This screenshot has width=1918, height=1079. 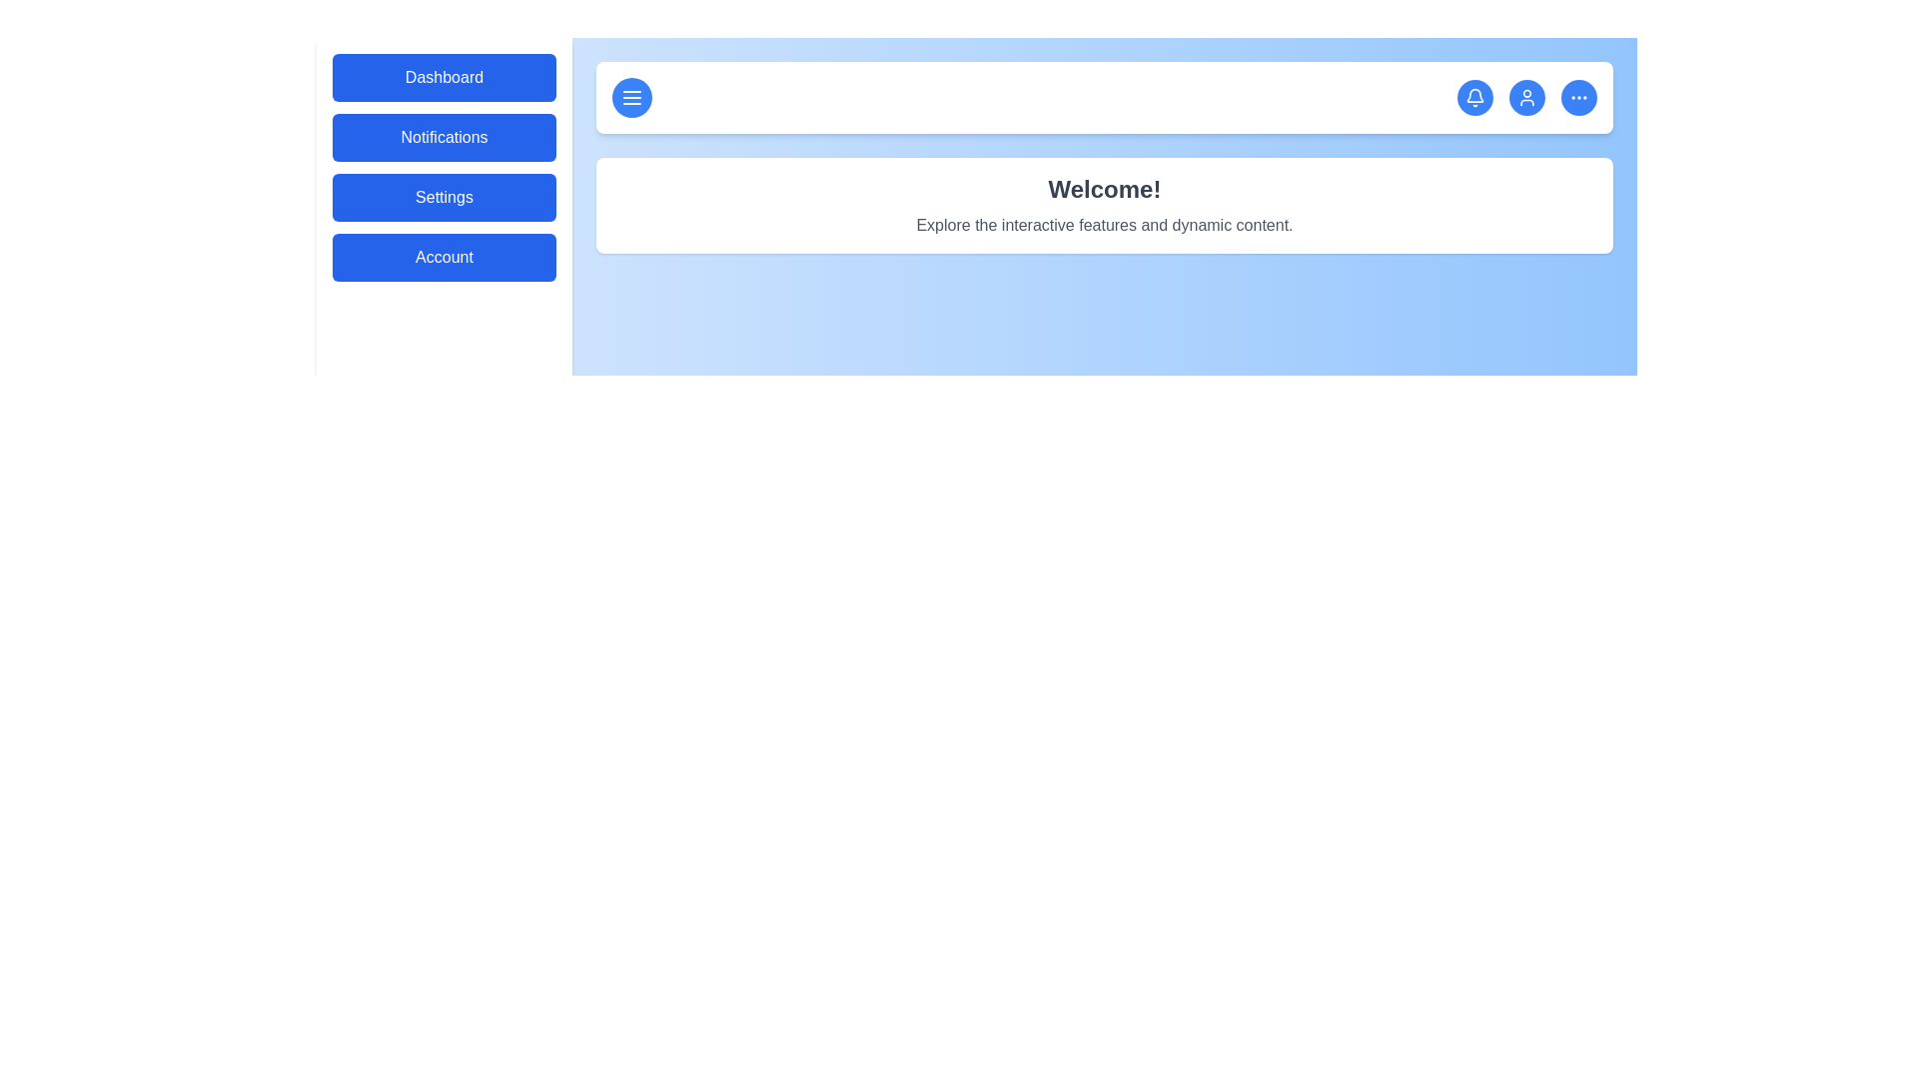 What do you see at coordinates (1475, 97) in the screenshot?
I see `the notification icon in the header` at bounding box center [1475, 97].